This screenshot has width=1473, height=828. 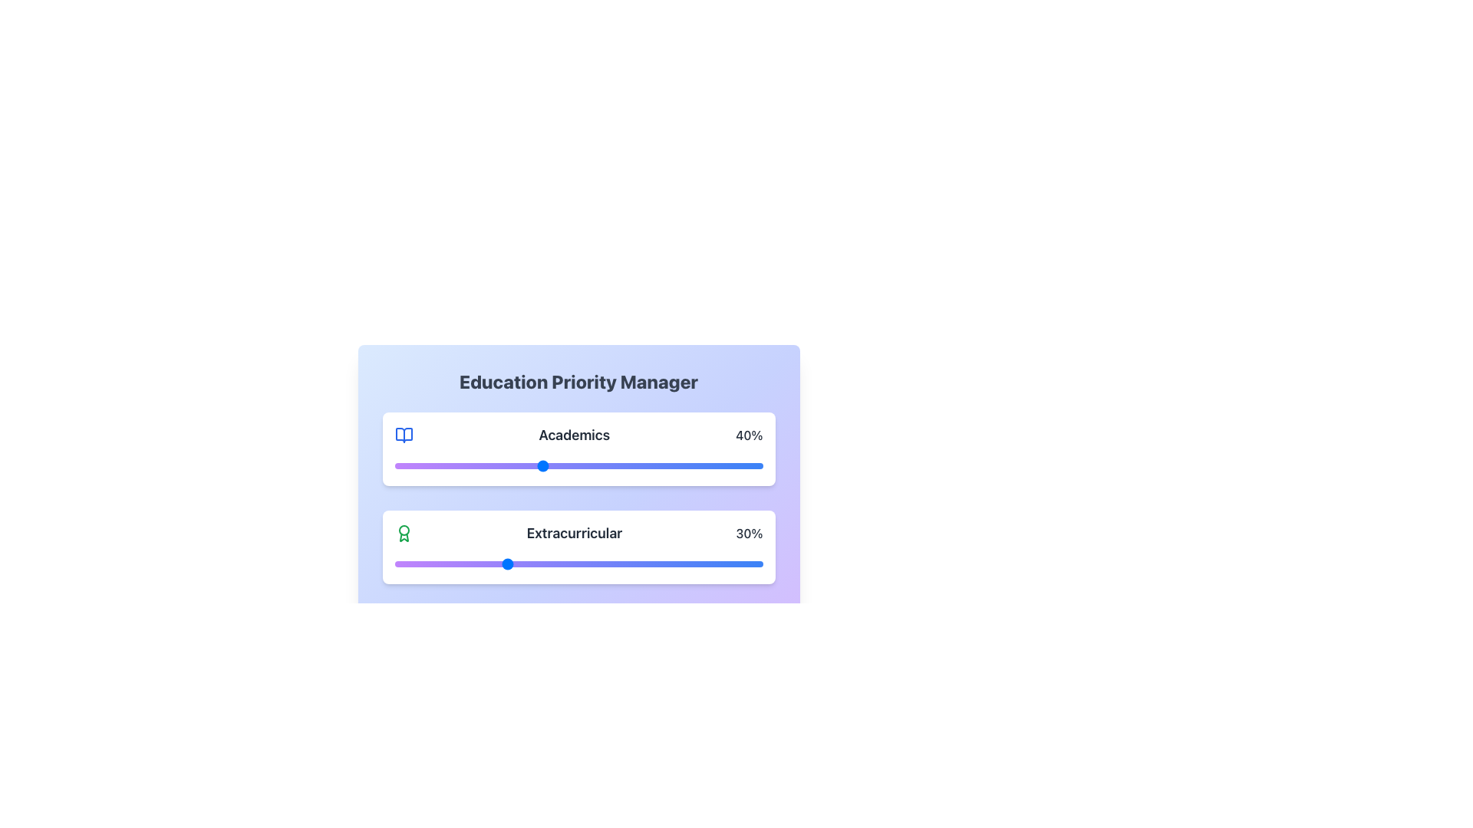 I want to click on the interactive sliders in the 'Education Priority Manager' component, so click(x=578, y=546).